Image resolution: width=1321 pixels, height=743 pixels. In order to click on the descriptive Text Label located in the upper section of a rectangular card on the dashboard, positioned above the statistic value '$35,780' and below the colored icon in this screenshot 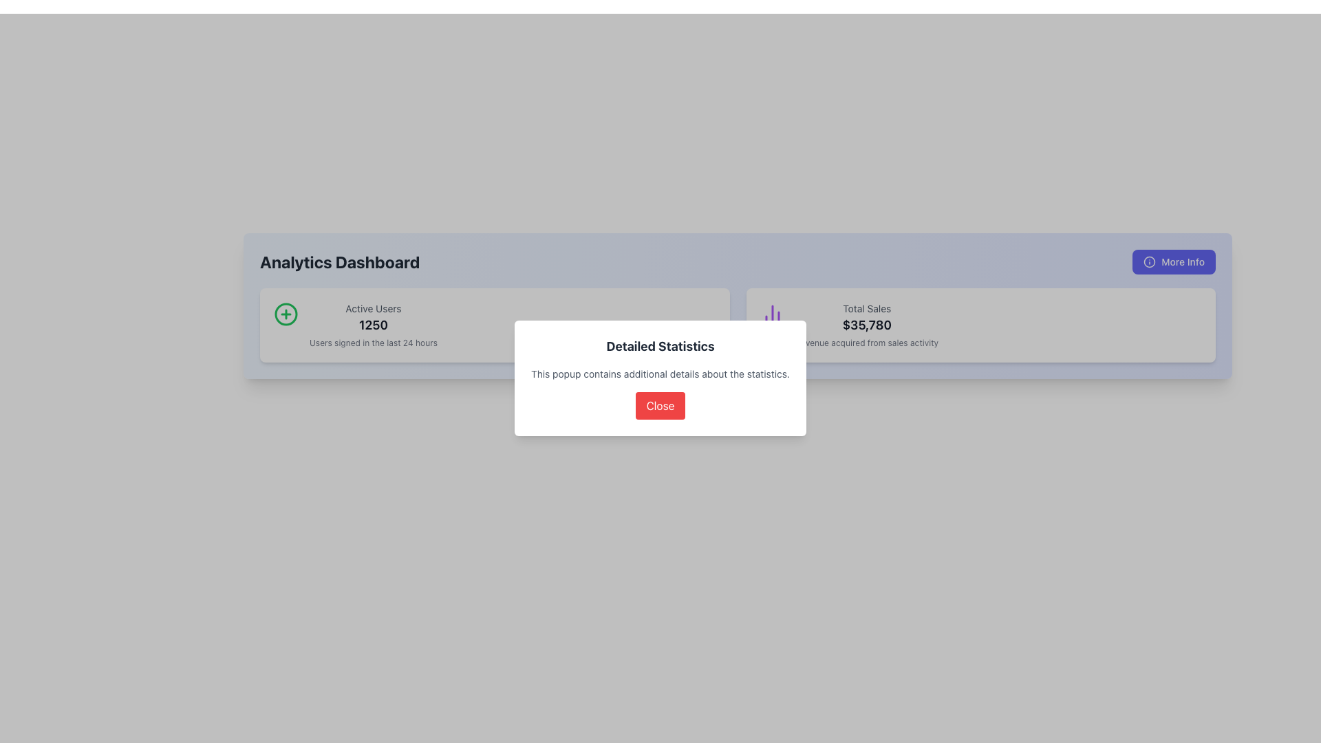, I will do `click(866, 308)`.